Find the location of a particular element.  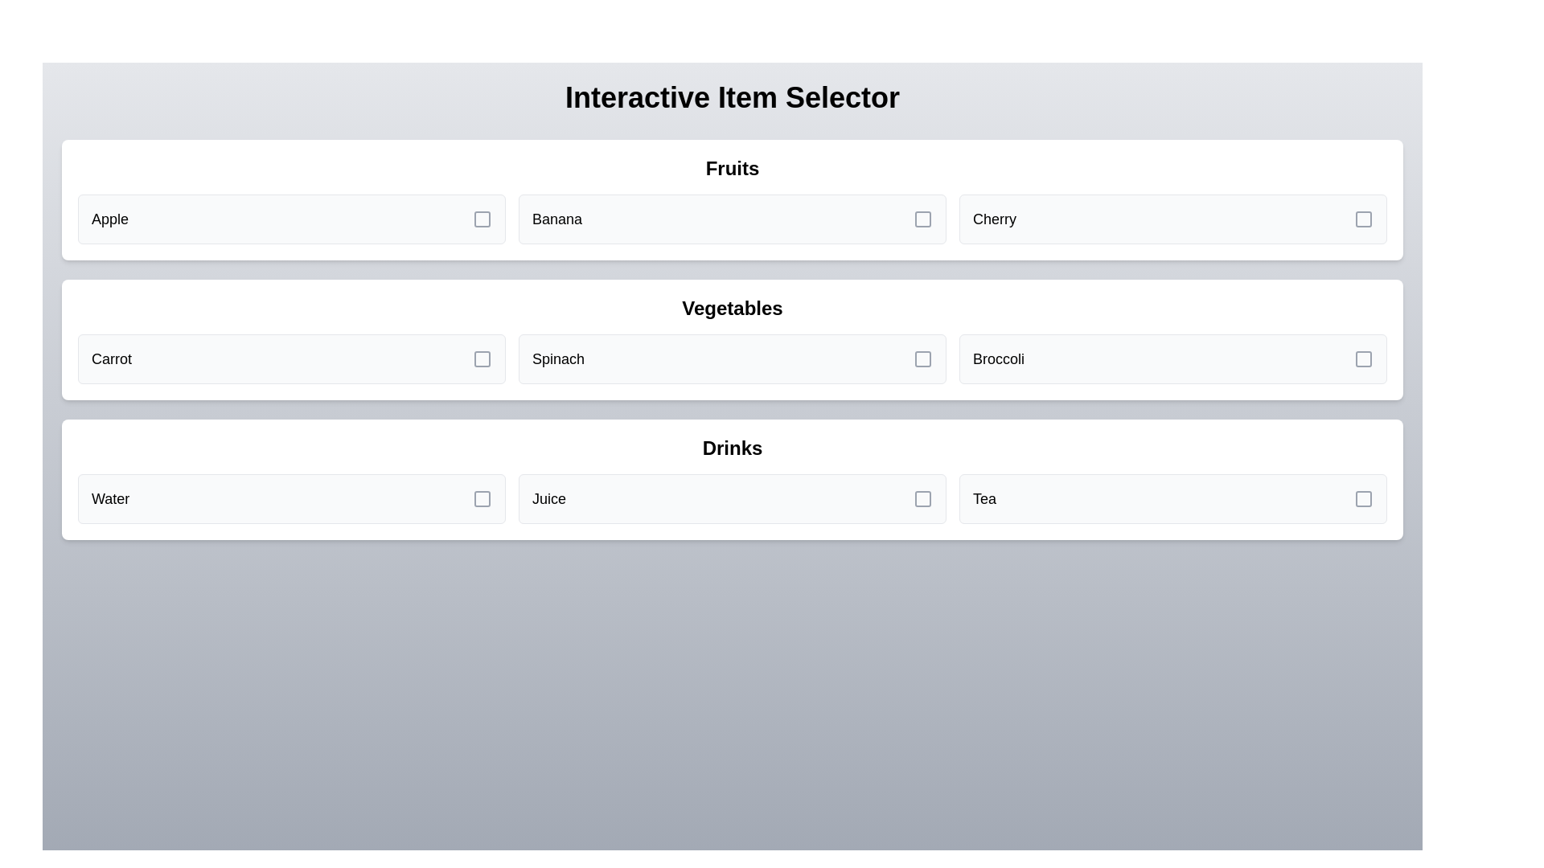

the item Water from the grid is located at coordinates (292, 498).